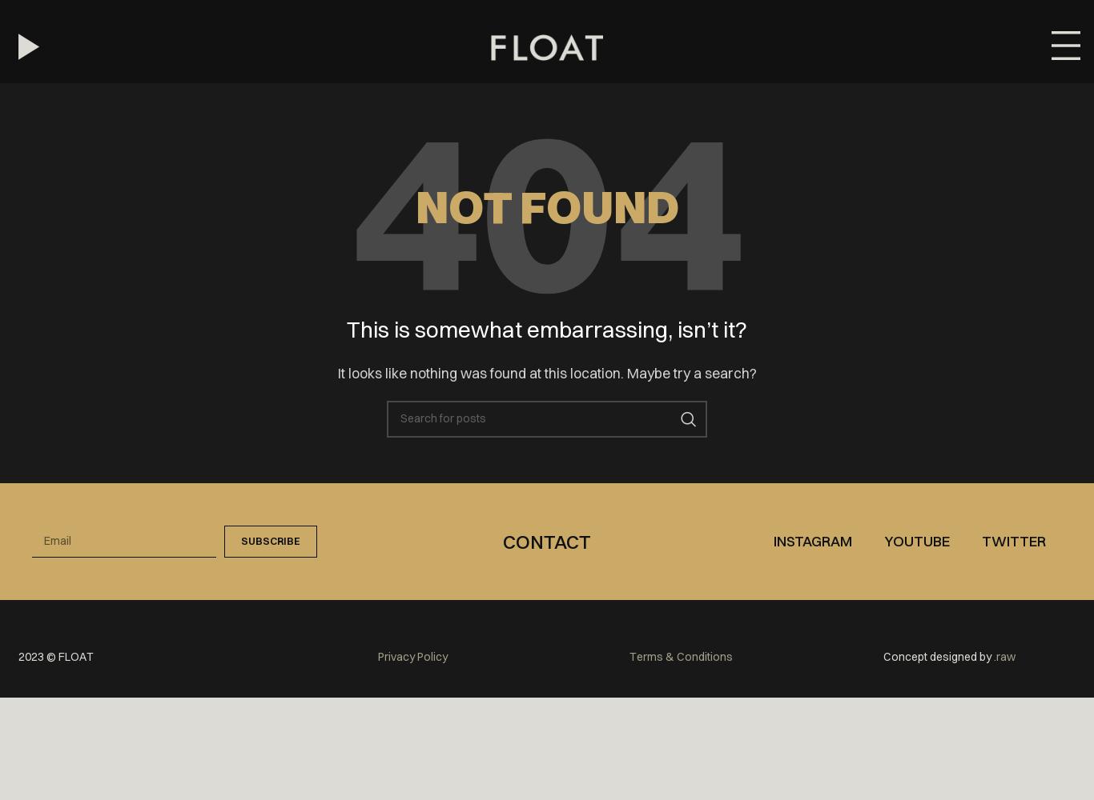  Describe the element at coordinates (269, 541) in the screenshot. I see `'Subscribe'` at that location.